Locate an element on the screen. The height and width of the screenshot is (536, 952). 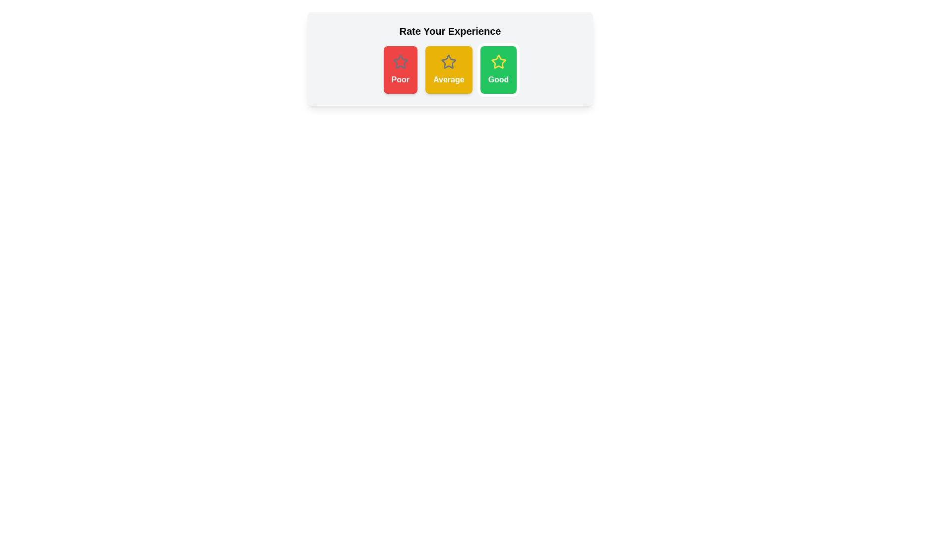
the Good button to select the corresponding rating is located at coordinates (498, 69).